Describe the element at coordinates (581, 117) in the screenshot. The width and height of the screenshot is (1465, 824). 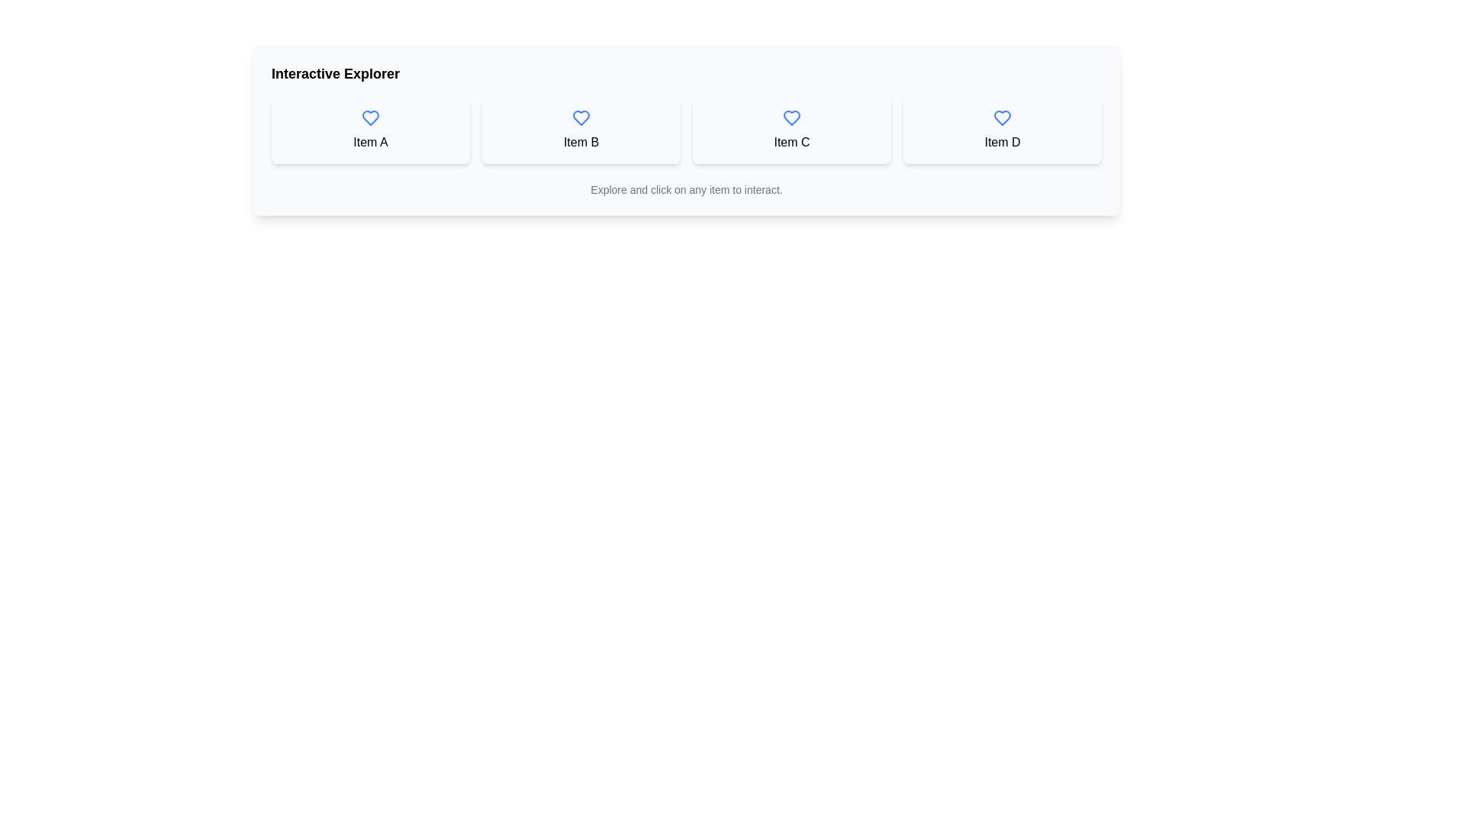
I see `the 'like' icon located at the top of 'Item B' card` at that location.